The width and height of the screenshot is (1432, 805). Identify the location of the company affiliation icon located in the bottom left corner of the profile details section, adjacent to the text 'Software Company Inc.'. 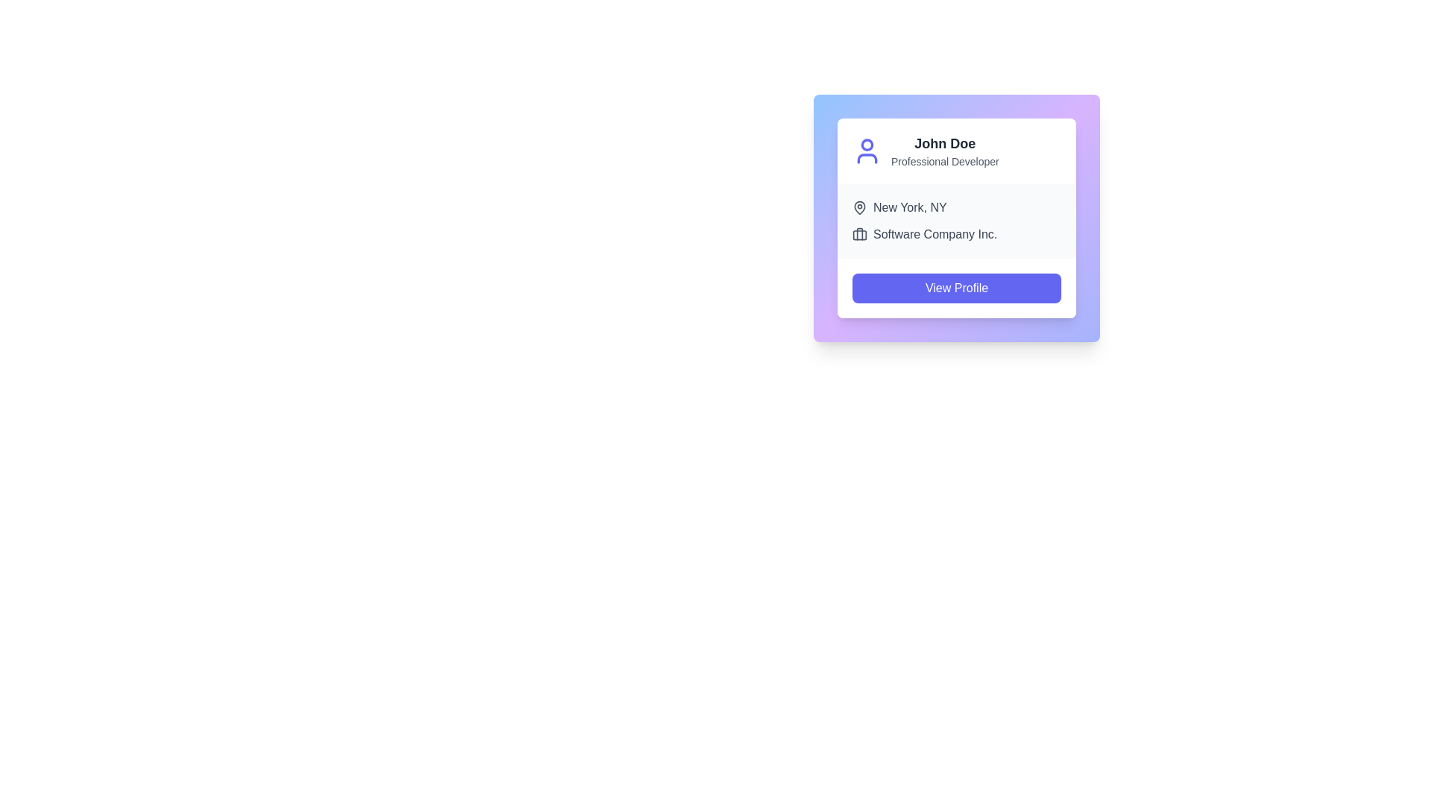
(859, 235).